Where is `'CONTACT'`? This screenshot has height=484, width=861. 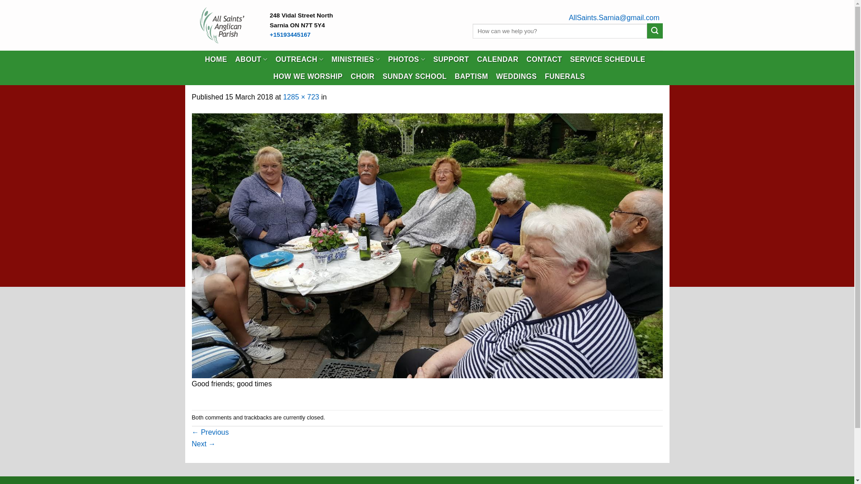
'CONTACT' is located at coordinates (544, 59).